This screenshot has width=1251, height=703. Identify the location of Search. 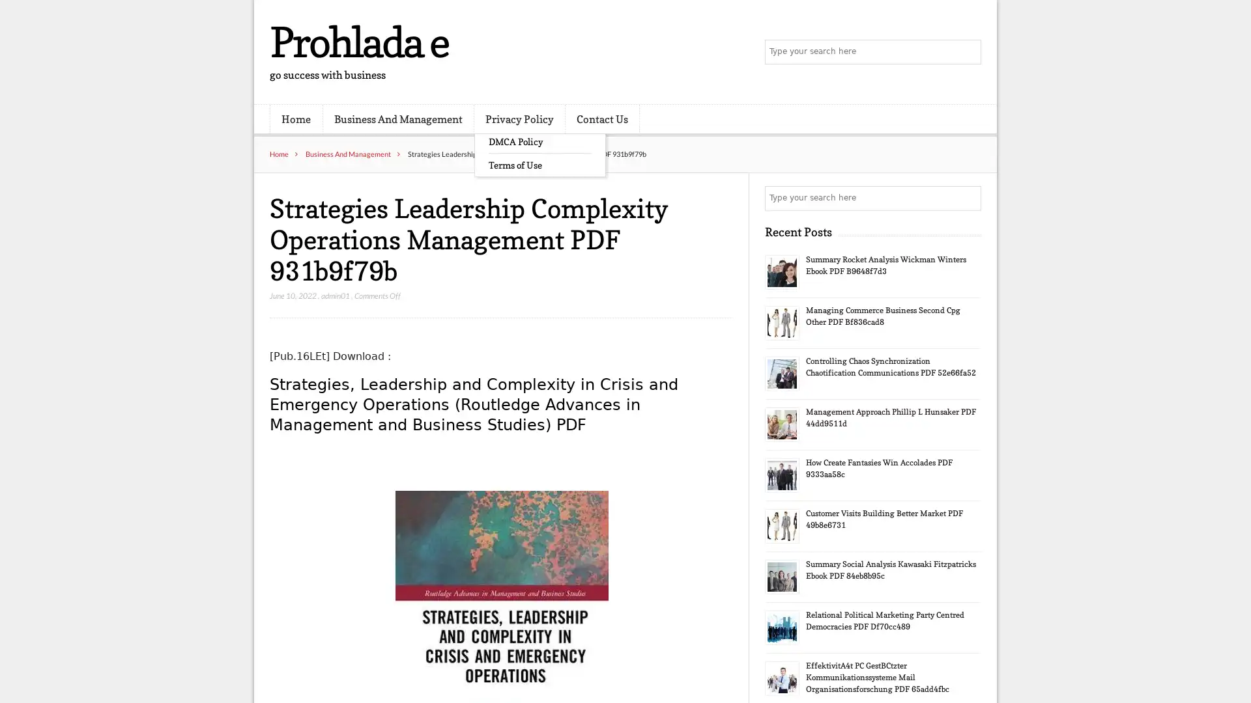
(968, 198).